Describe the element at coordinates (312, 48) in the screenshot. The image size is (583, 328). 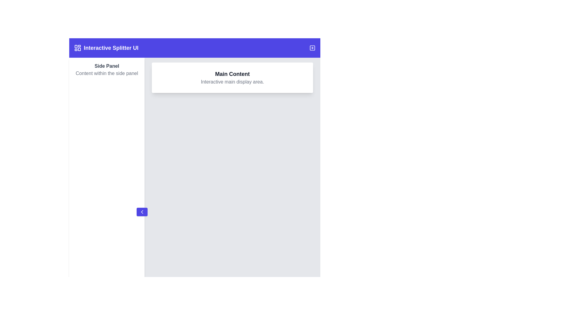
I see `the square-shaped icon button with a plus sign located in the top-right corner of the 'Interactive Splitter UI' header bar` at that location.